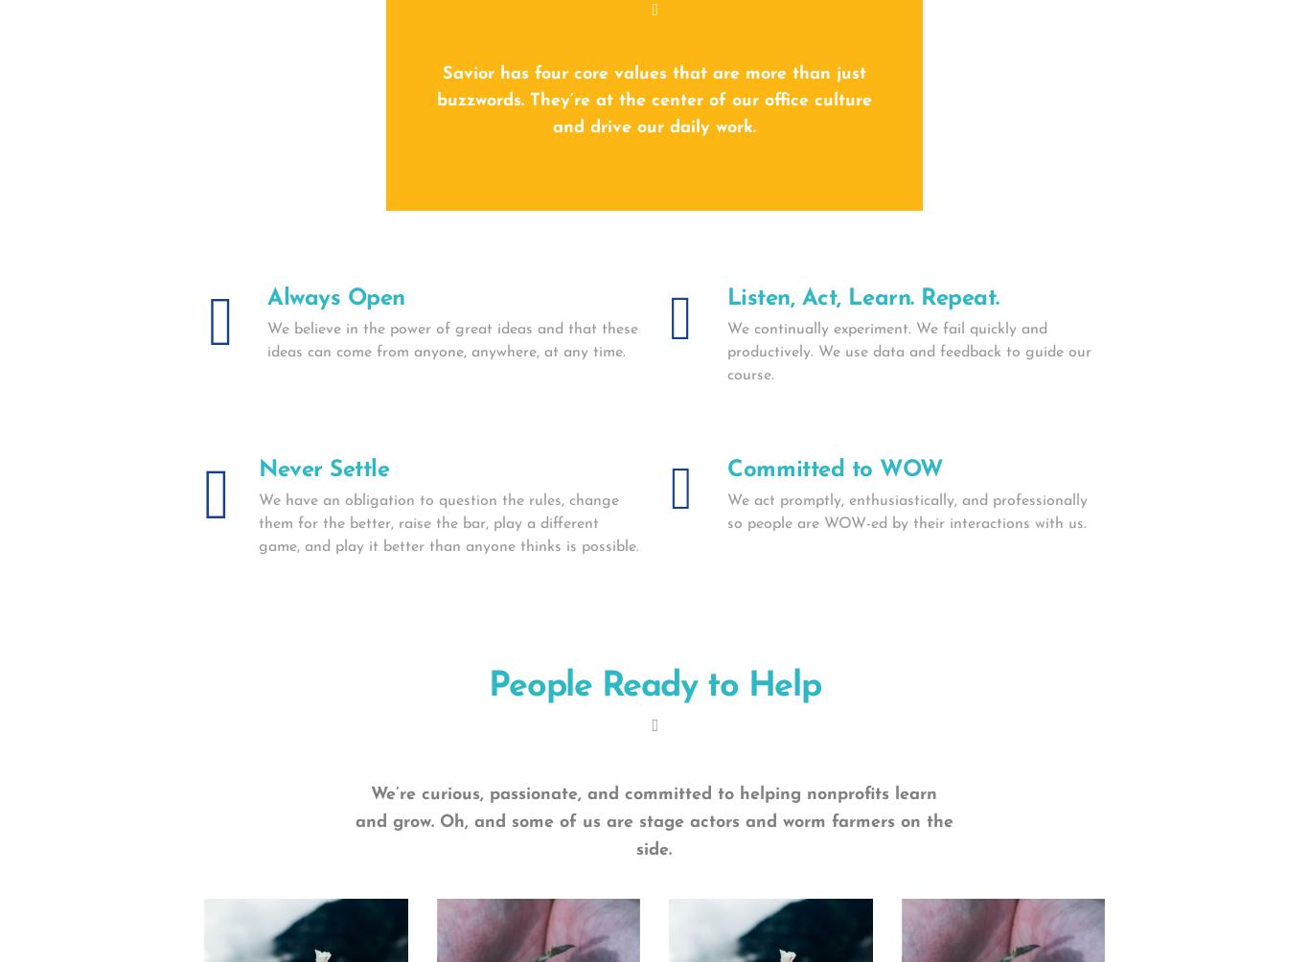 Image resolution: width=1309 pixels, height=962 pixels. Describe the element at coordinates (653, 101) in the screenshot. I see `'Savior has four core values that are more than just buzzwords. They’re at the center of our office culture and drive our daily work.'` at that location.